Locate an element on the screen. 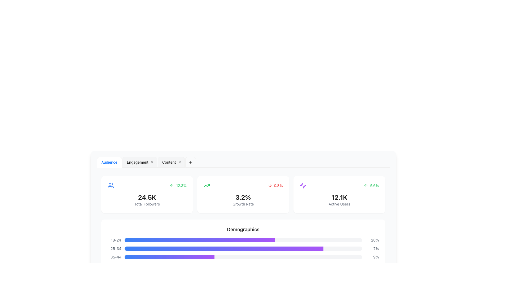  the 'close' icon represented by an 'X' symbol located on the far right side of the 'Content' section tab header is located at coordinates (152, 162).